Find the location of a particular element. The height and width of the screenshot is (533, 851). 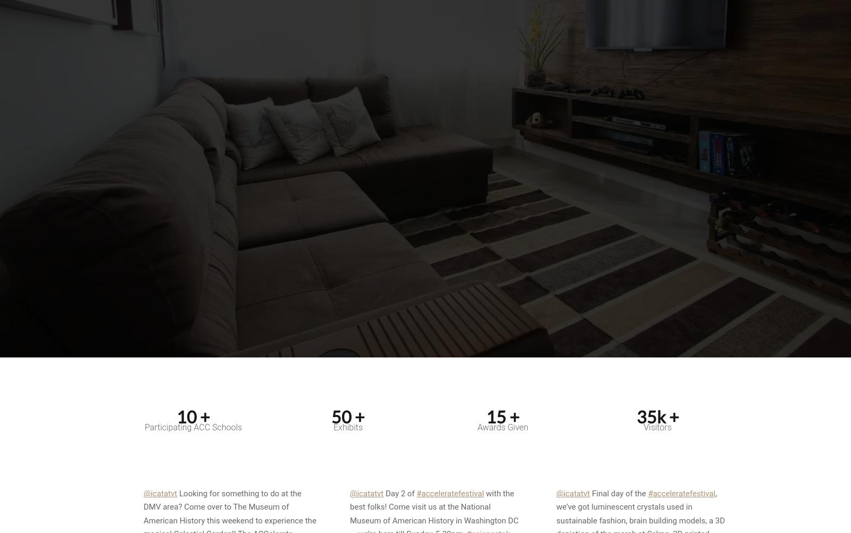

'Participating ACC Schools' is located at coordinates (193, 426).